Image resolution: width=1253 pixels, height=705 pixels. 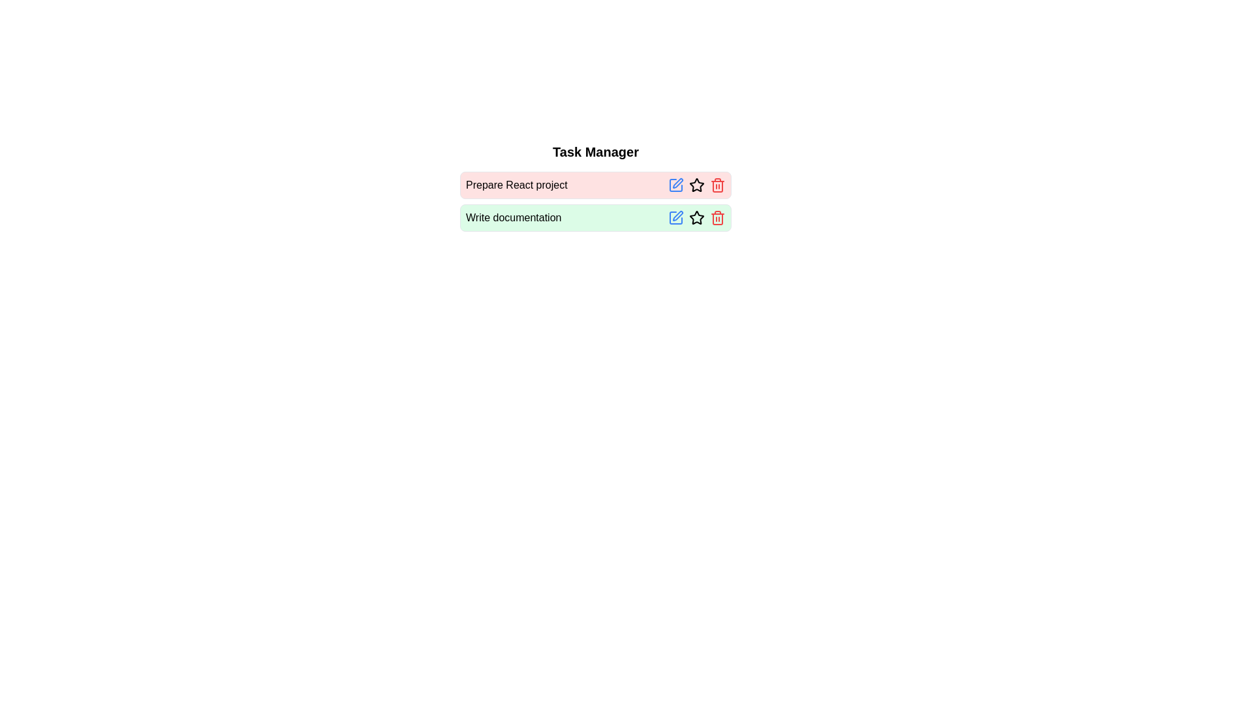 What do you see at coordinates (696, 217) in the screenshot?
I see `the hollow star icon button to mark the task 'Write documentation' as a favorite` at bounding box center [696, 217].